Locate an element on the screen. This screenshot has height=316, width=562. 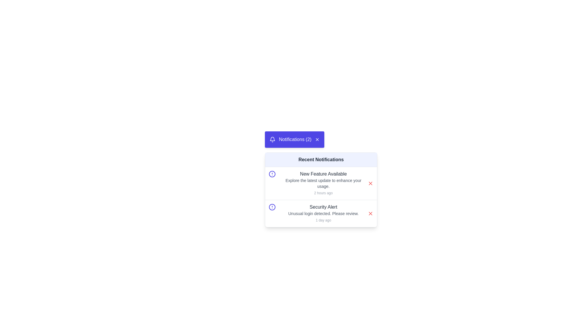
the indigo SVG circle element that represents a warning icon within the 'Security Alert' notification under 'Recent Notifications' is located at coordinates (272, 207).